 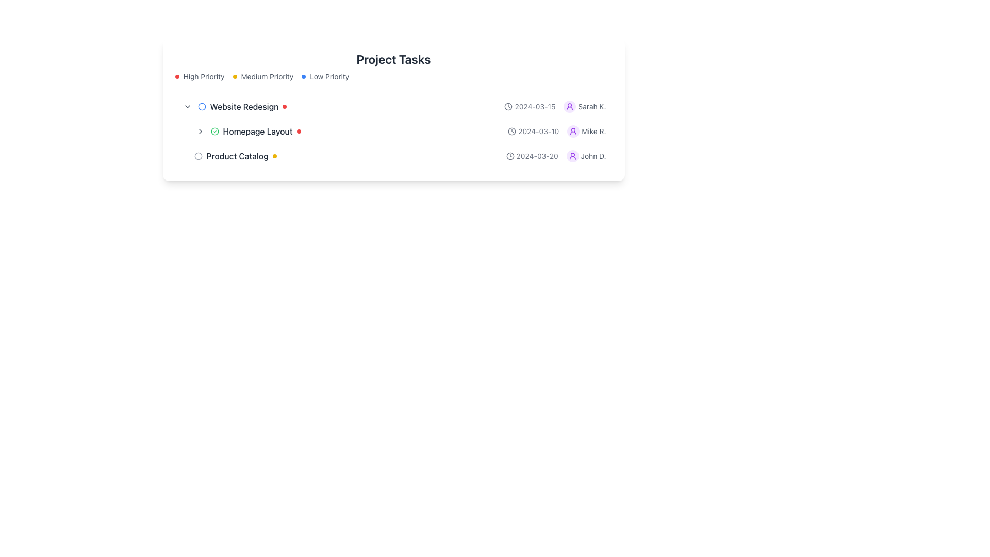 I want to click on the 'Low Priority' text with icon element, which is the third among three priority indicators arranged horizontally at the top of the interface, so click(x=325, y=76).